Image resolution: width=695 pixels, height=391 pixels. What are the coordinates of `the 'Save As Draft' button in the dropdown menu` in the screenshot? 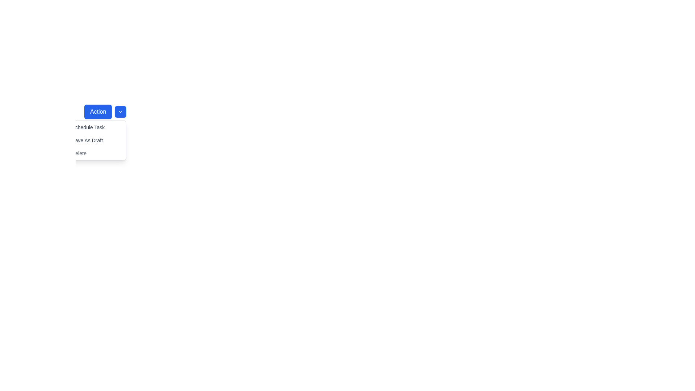 It's located at (91, 140).